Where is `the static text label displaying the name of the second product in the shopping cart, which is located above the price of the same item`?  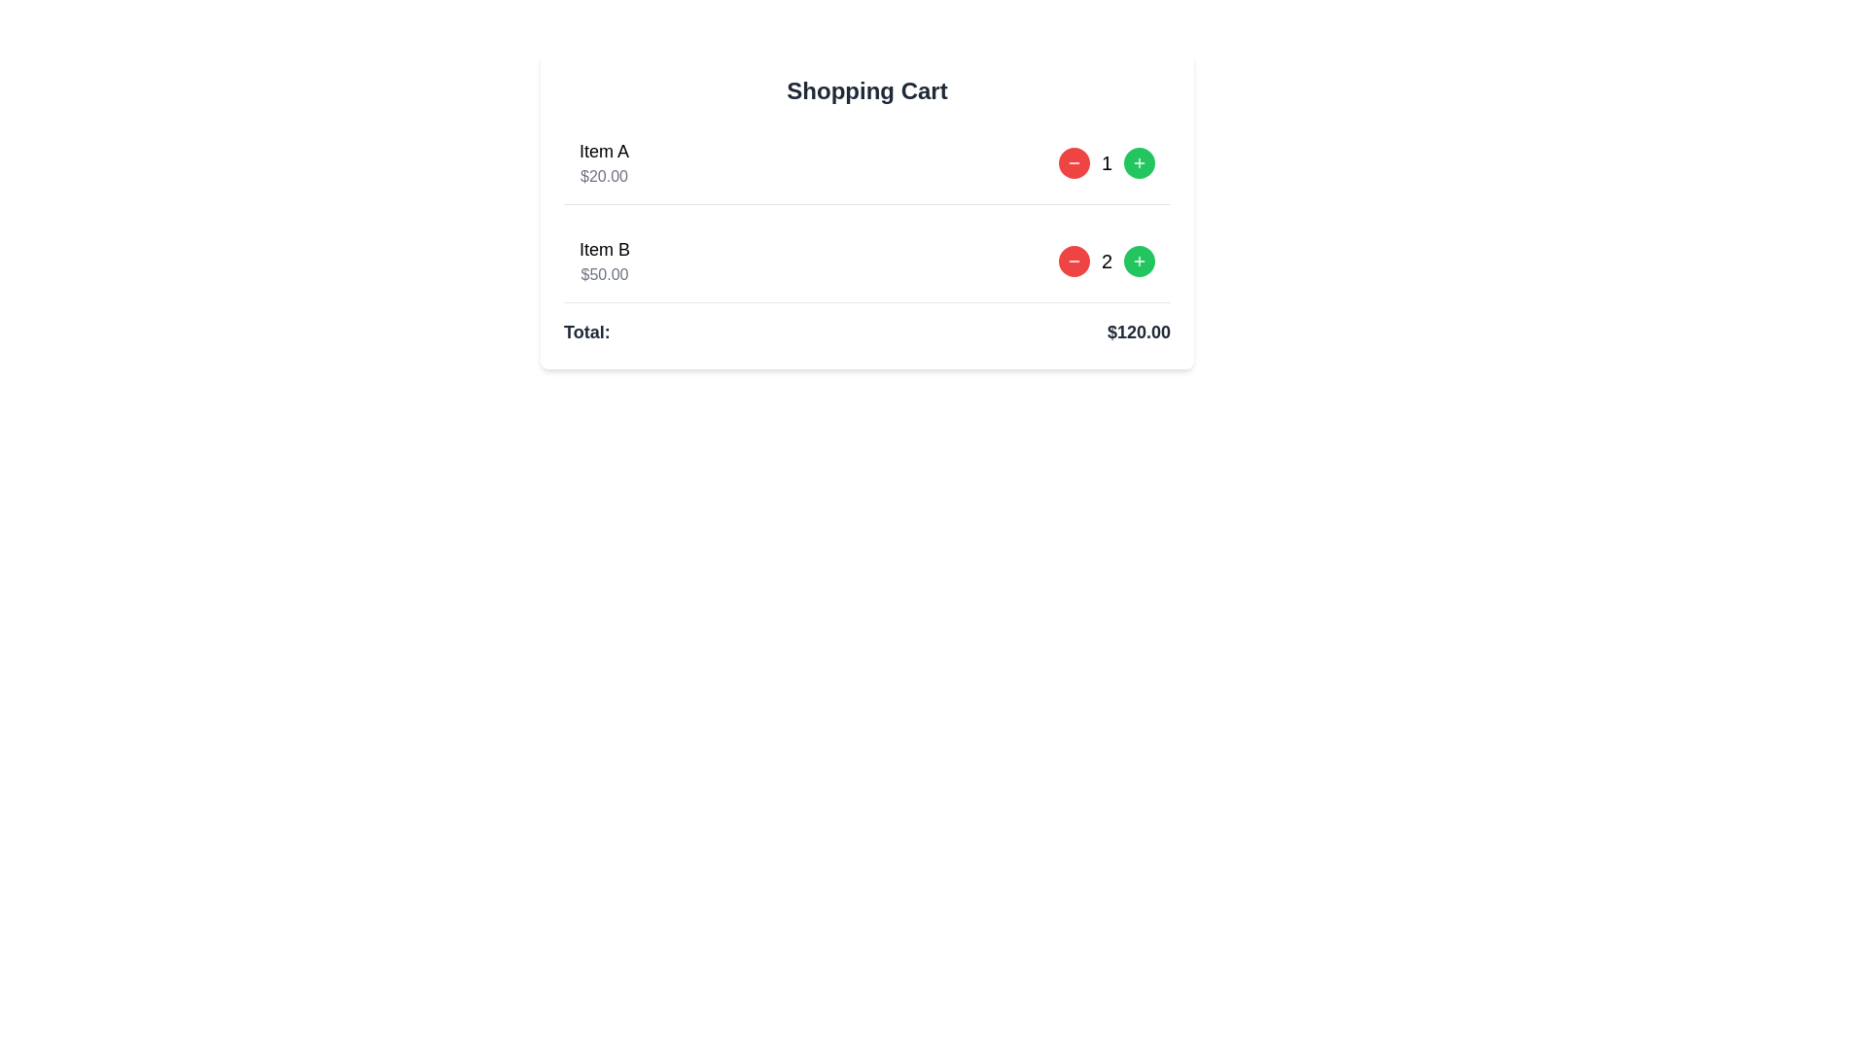
the static text label displaying the name of the second product in the shopping cart, which is located above the price of the same item is located at coordinates (604, 249).